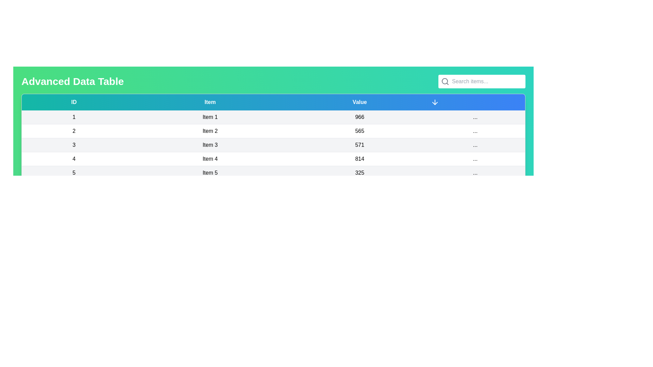 This screenshot has height=367, width=653. I want to click on the text in the row corresponding to 2, so click(73, 131).